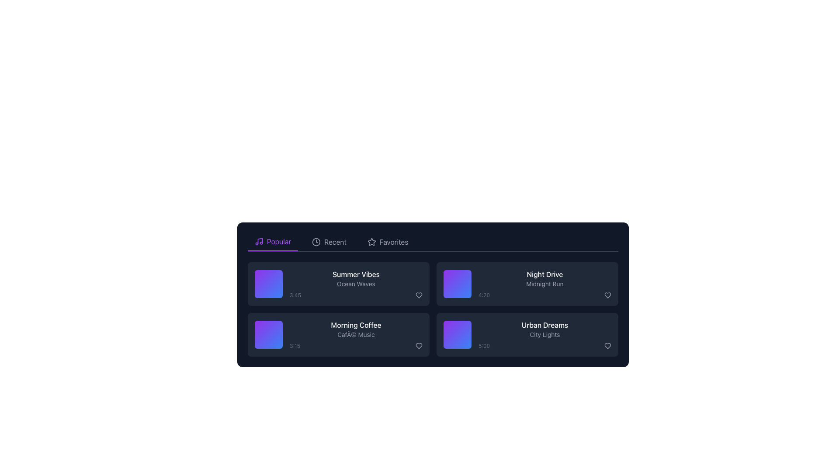  Describe the element at coordinates (484, 345) in the screenshot. I see `label displaying '5:00' located at the bottom-right of the 'Urban Dreams' card` at that location.